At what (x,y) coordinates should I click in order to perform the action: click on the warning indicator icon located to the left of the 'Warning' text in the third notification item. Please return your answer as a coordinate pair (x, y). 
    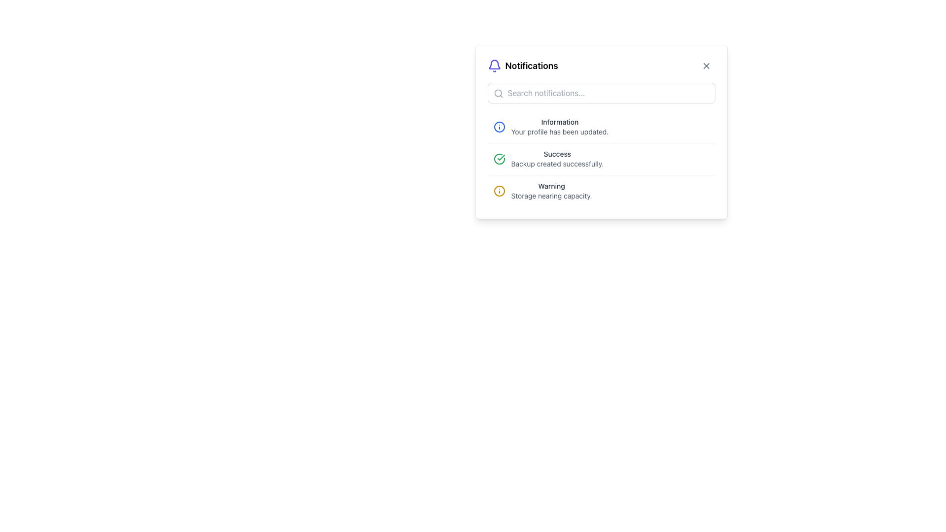
    Looking at the image, I should click on (499, 191).